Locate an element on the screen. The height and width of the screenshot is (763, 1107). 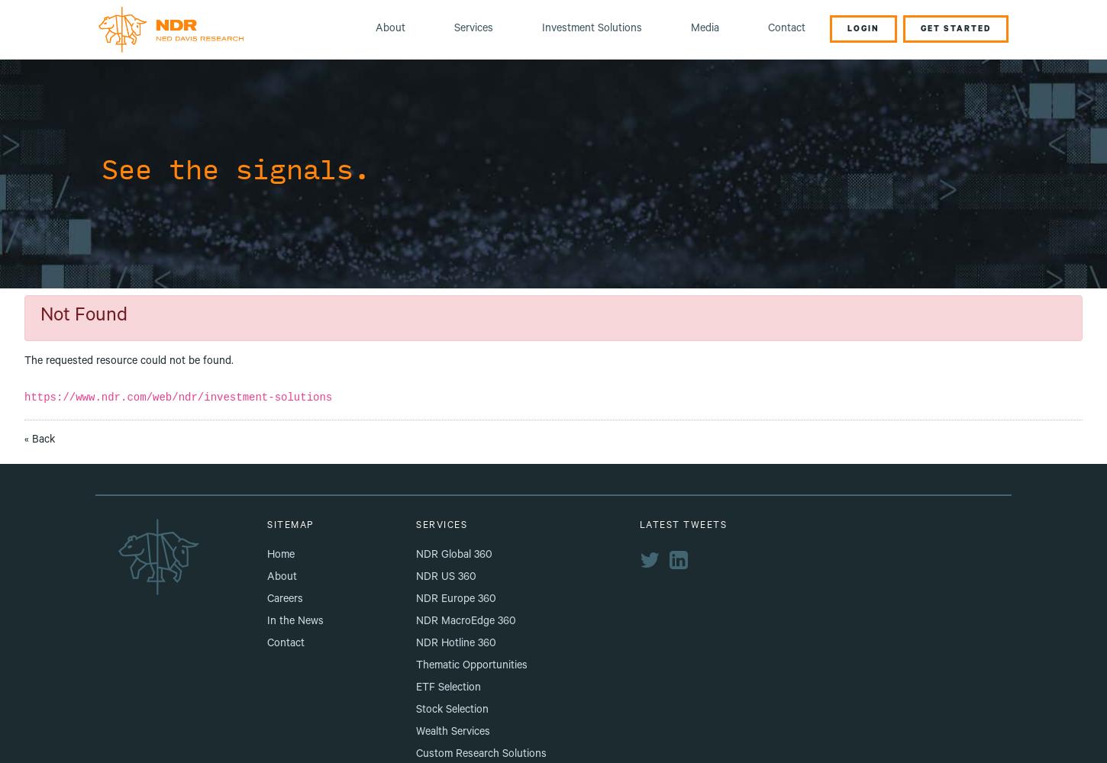
'« Back' is located at coordinates (40, 439).